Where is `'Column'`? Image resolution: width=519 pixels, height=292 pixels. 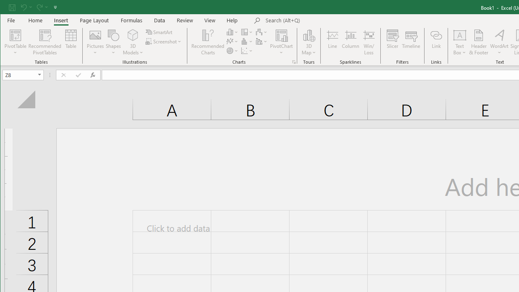 'Column' is located at coordinates (351, 42).